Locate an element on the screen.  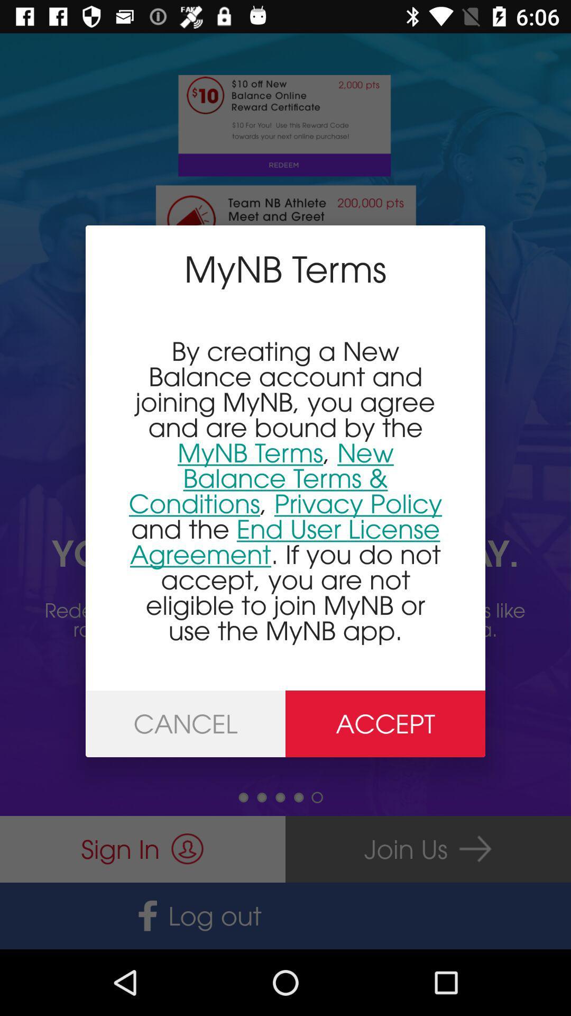
accept icon is located at coordinates (385, 723).